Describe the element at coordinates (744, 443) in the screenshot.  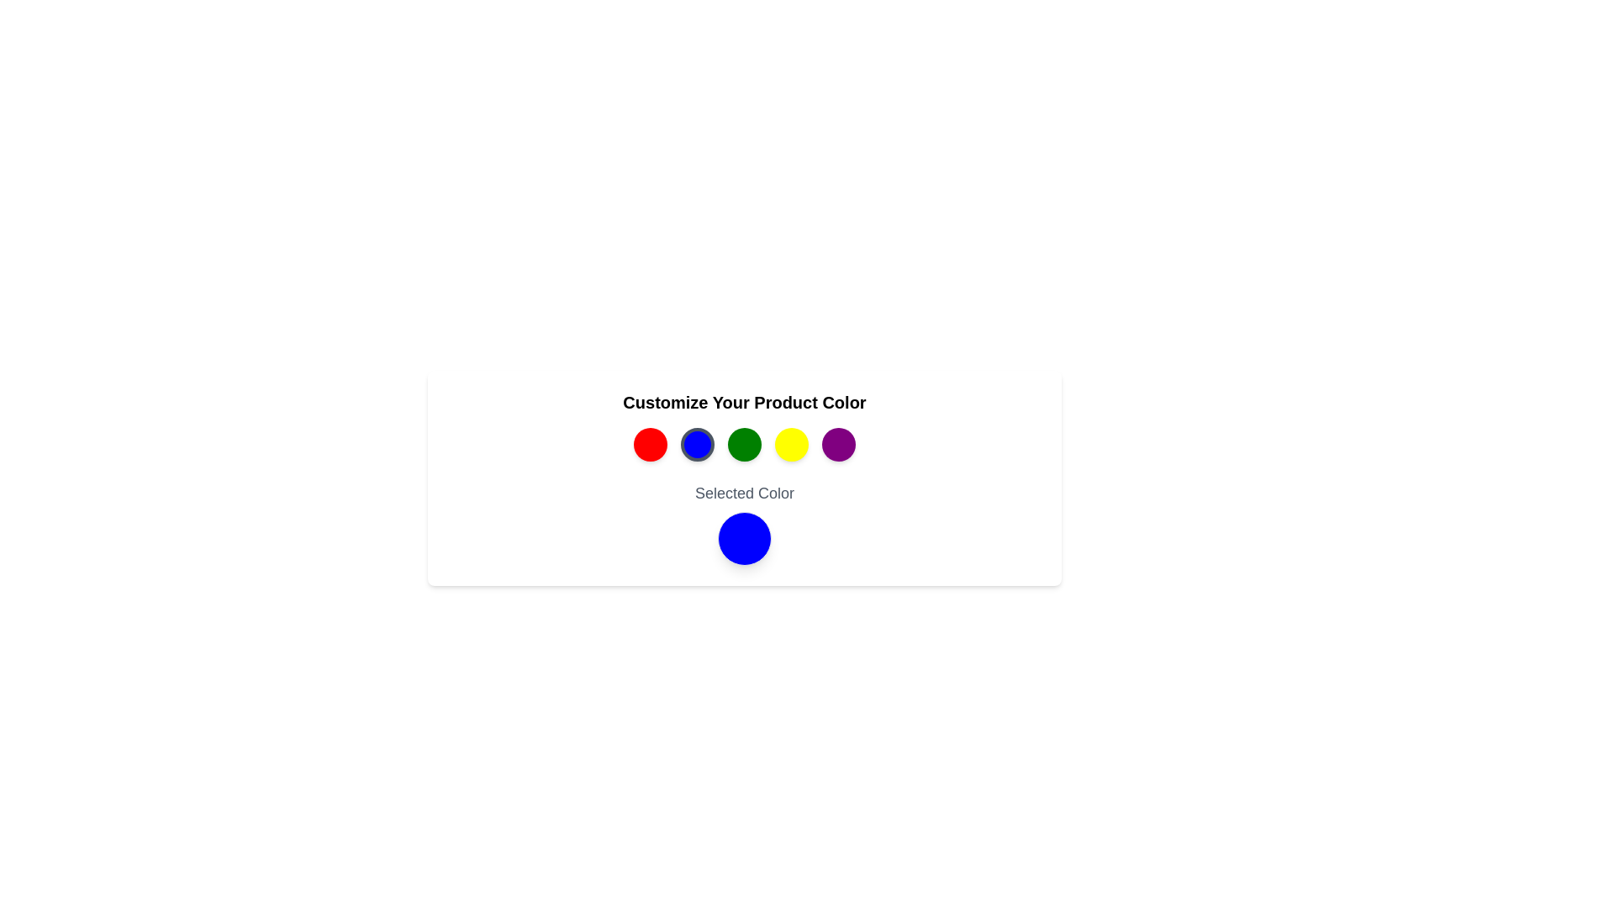
I see `the color button corresponding to green` at that location.